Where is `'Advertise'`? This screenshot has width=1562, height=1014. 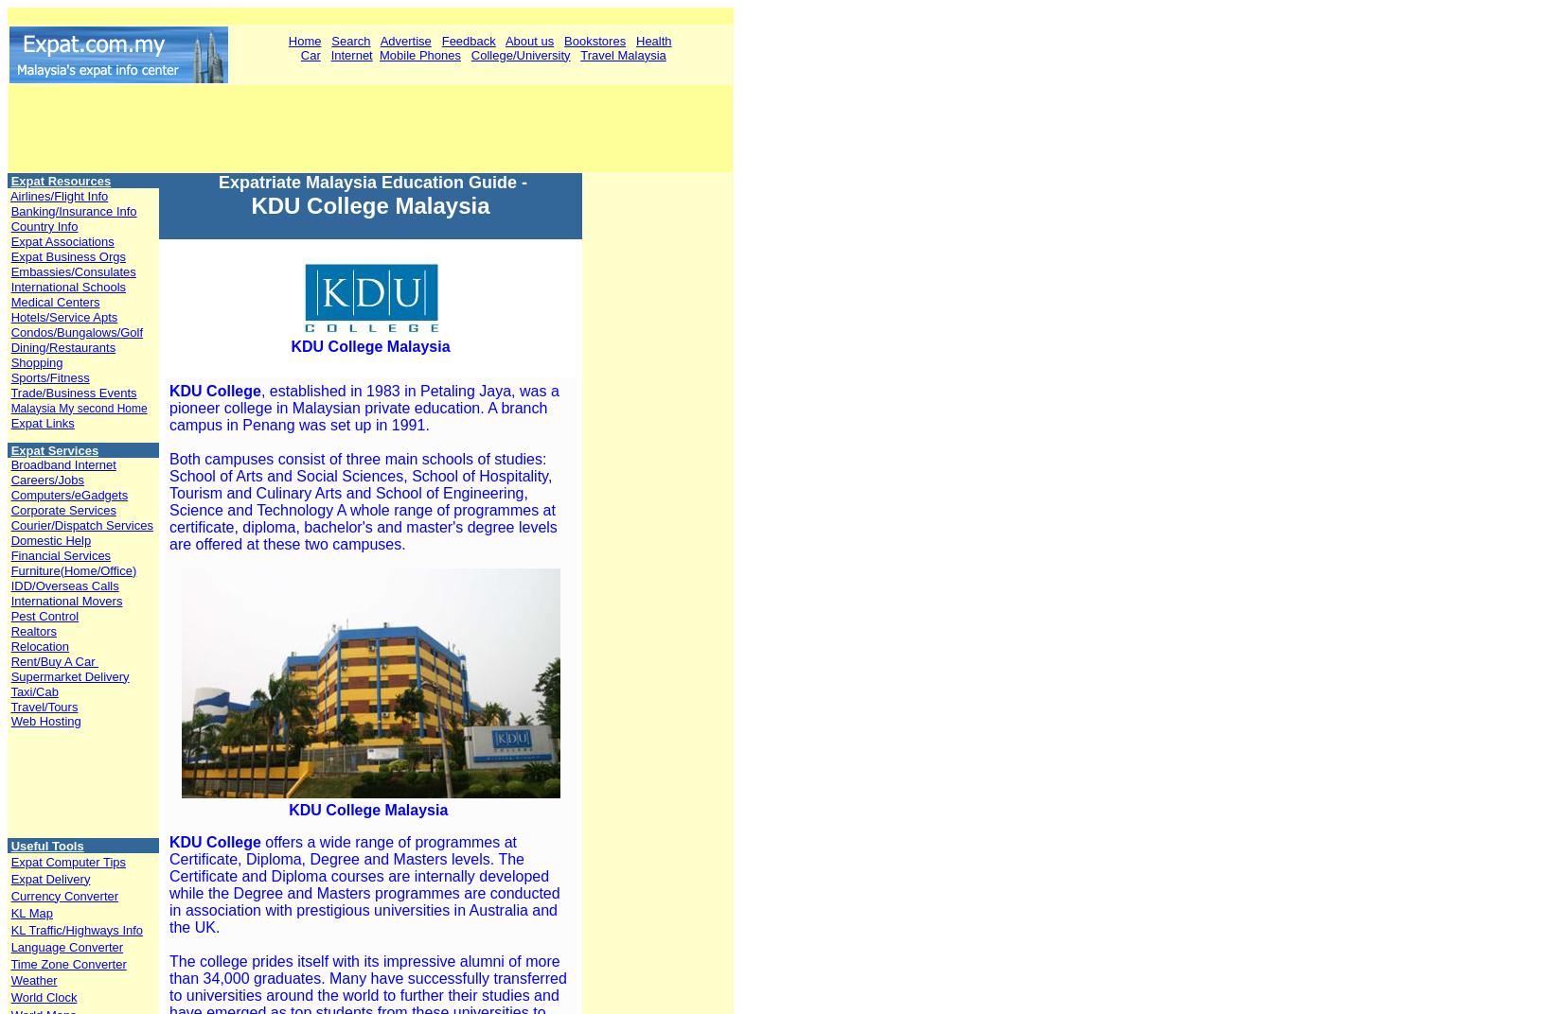 'Advertise' is located at coordinates (404, 39).